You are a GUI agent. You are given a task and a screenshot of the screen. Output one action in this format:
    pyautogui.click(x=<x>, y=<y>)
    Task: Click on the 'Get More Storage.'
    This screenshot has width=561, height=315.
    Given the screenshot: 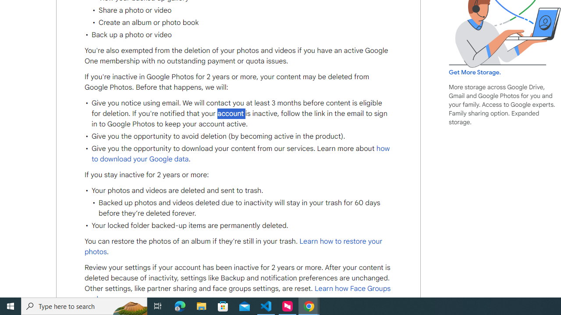 What is the action you would take?
    pyautogui.click(x=474, y=72)
    